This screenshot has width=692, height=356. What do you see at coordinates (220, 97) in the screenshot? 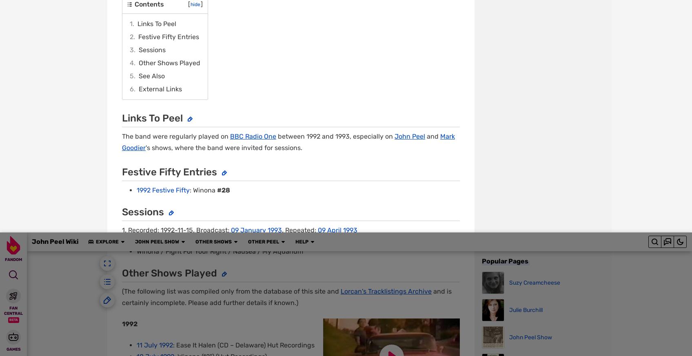
I see `'CC-BY-SA'` at bounding box center [220, 97].